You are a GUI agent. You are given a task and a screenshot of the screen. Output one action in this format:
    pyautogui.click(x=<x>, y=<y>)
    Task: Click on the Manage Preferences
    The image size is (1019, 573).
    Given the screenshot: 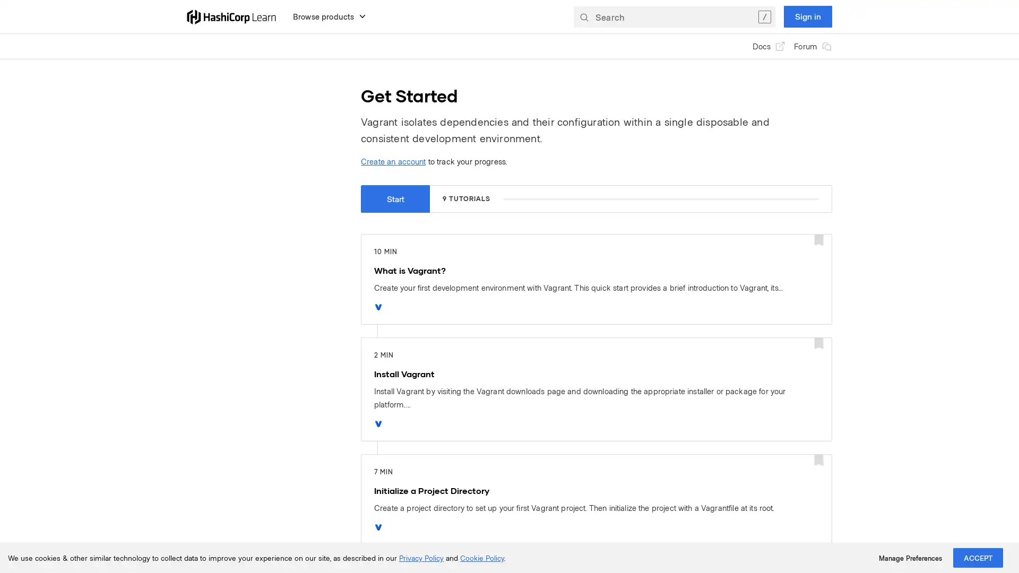 What is the action you would take?
    pyautogui.click(x=910, y=558)
    